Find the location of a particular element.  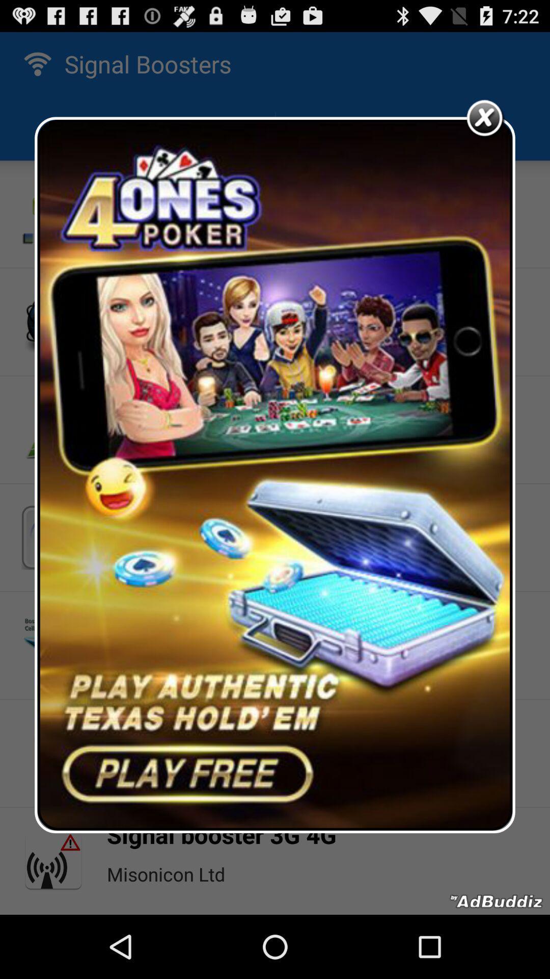

link to advertisement is located at coordinates (275, 474).